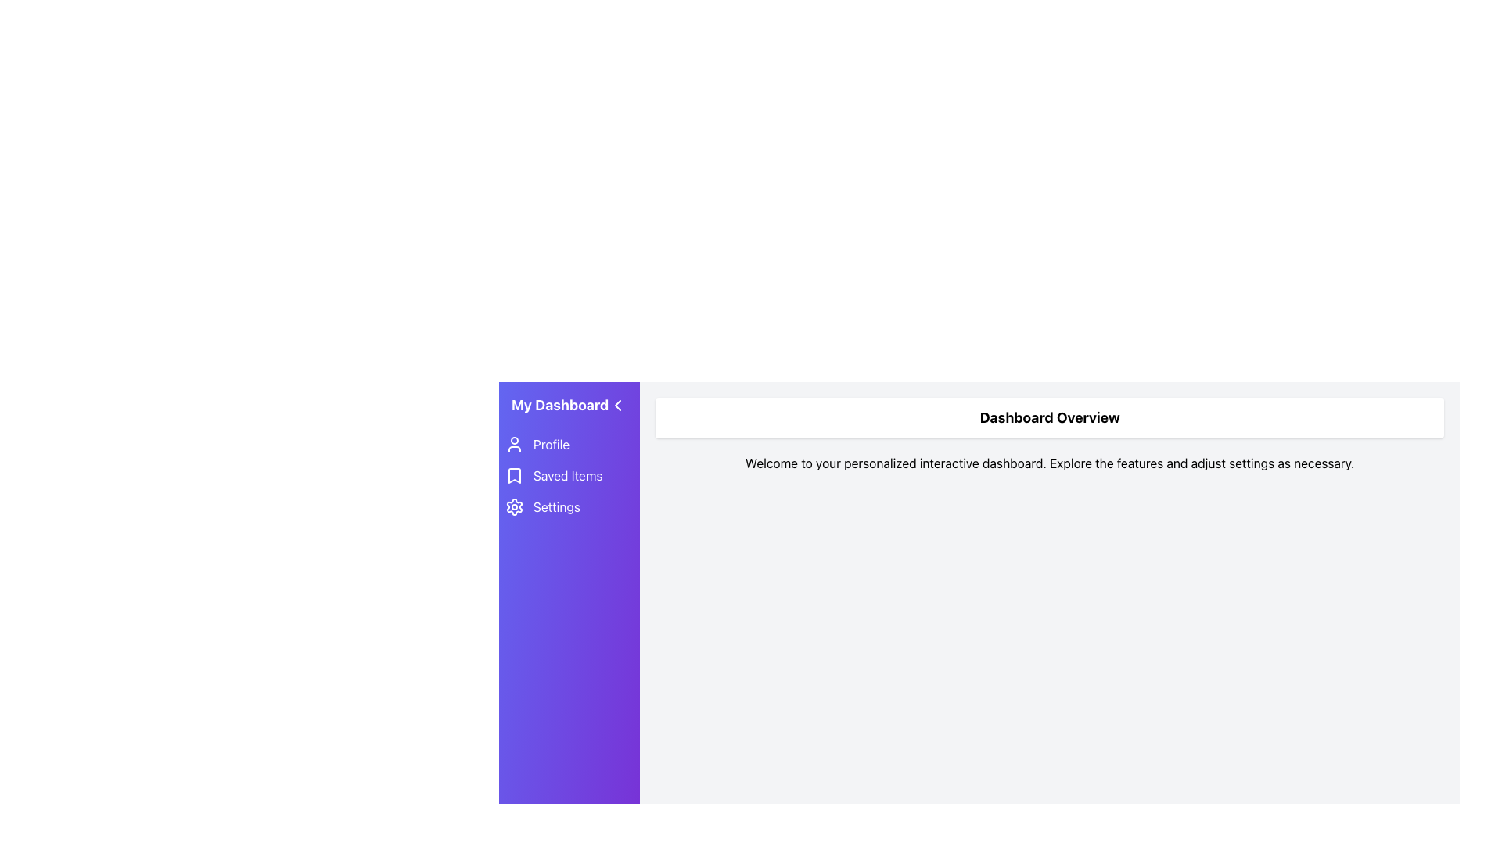  I want to click on the bold text 'My Dashboard' located in the purple header area on the top left side of the interface, so click(560, 405).